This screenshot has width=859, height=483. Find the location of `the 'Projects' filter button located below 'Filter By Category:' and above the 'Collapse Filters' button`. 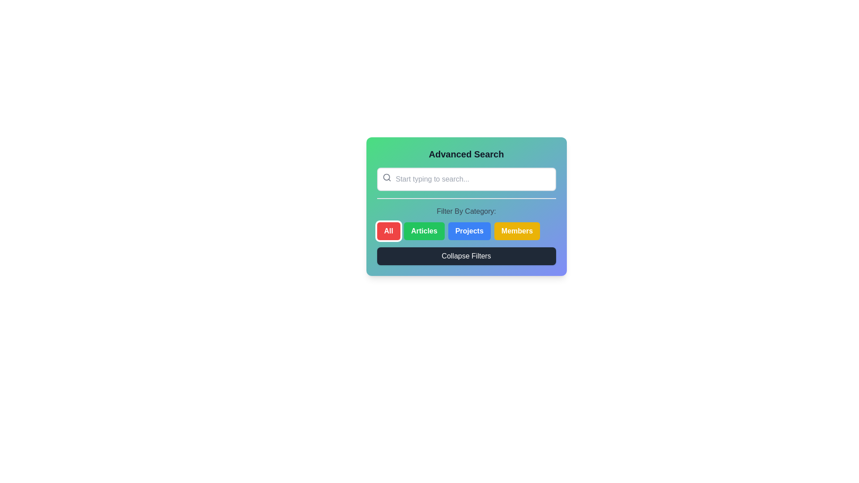

the 'Projects' filter button located below 'Filter By Category:' and above the 'Collapse Filters' button is located at coordinates (466, 241).